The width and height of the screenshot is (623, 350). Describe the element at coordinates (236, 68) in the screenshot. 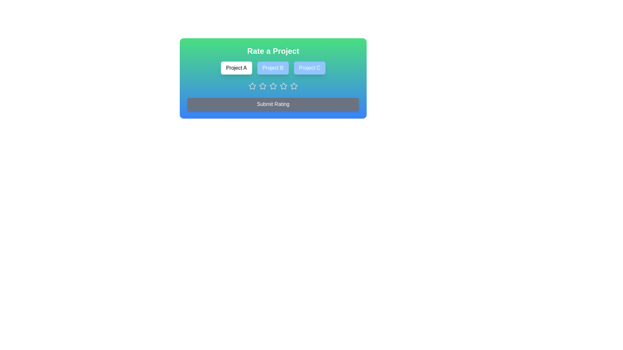

I see `the project Project A from the list` at that location.